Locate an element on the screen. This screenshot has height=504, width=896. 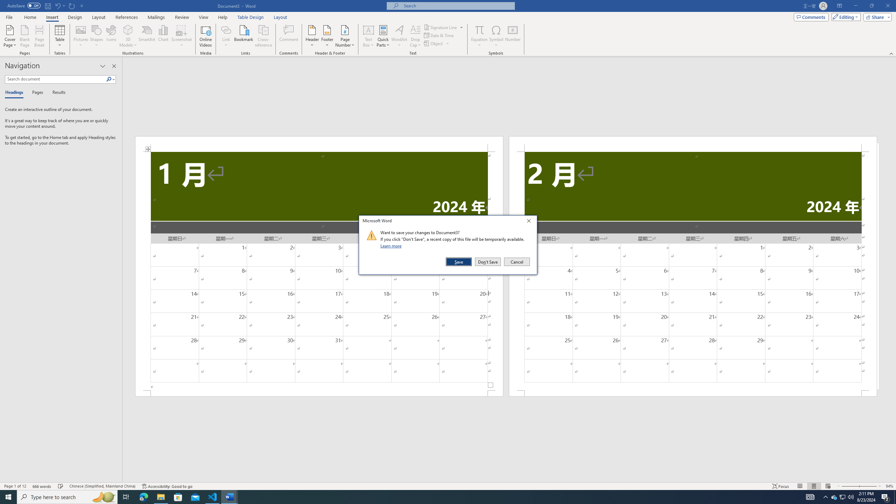
'Type here to search' is located at coordinates (67, 496).